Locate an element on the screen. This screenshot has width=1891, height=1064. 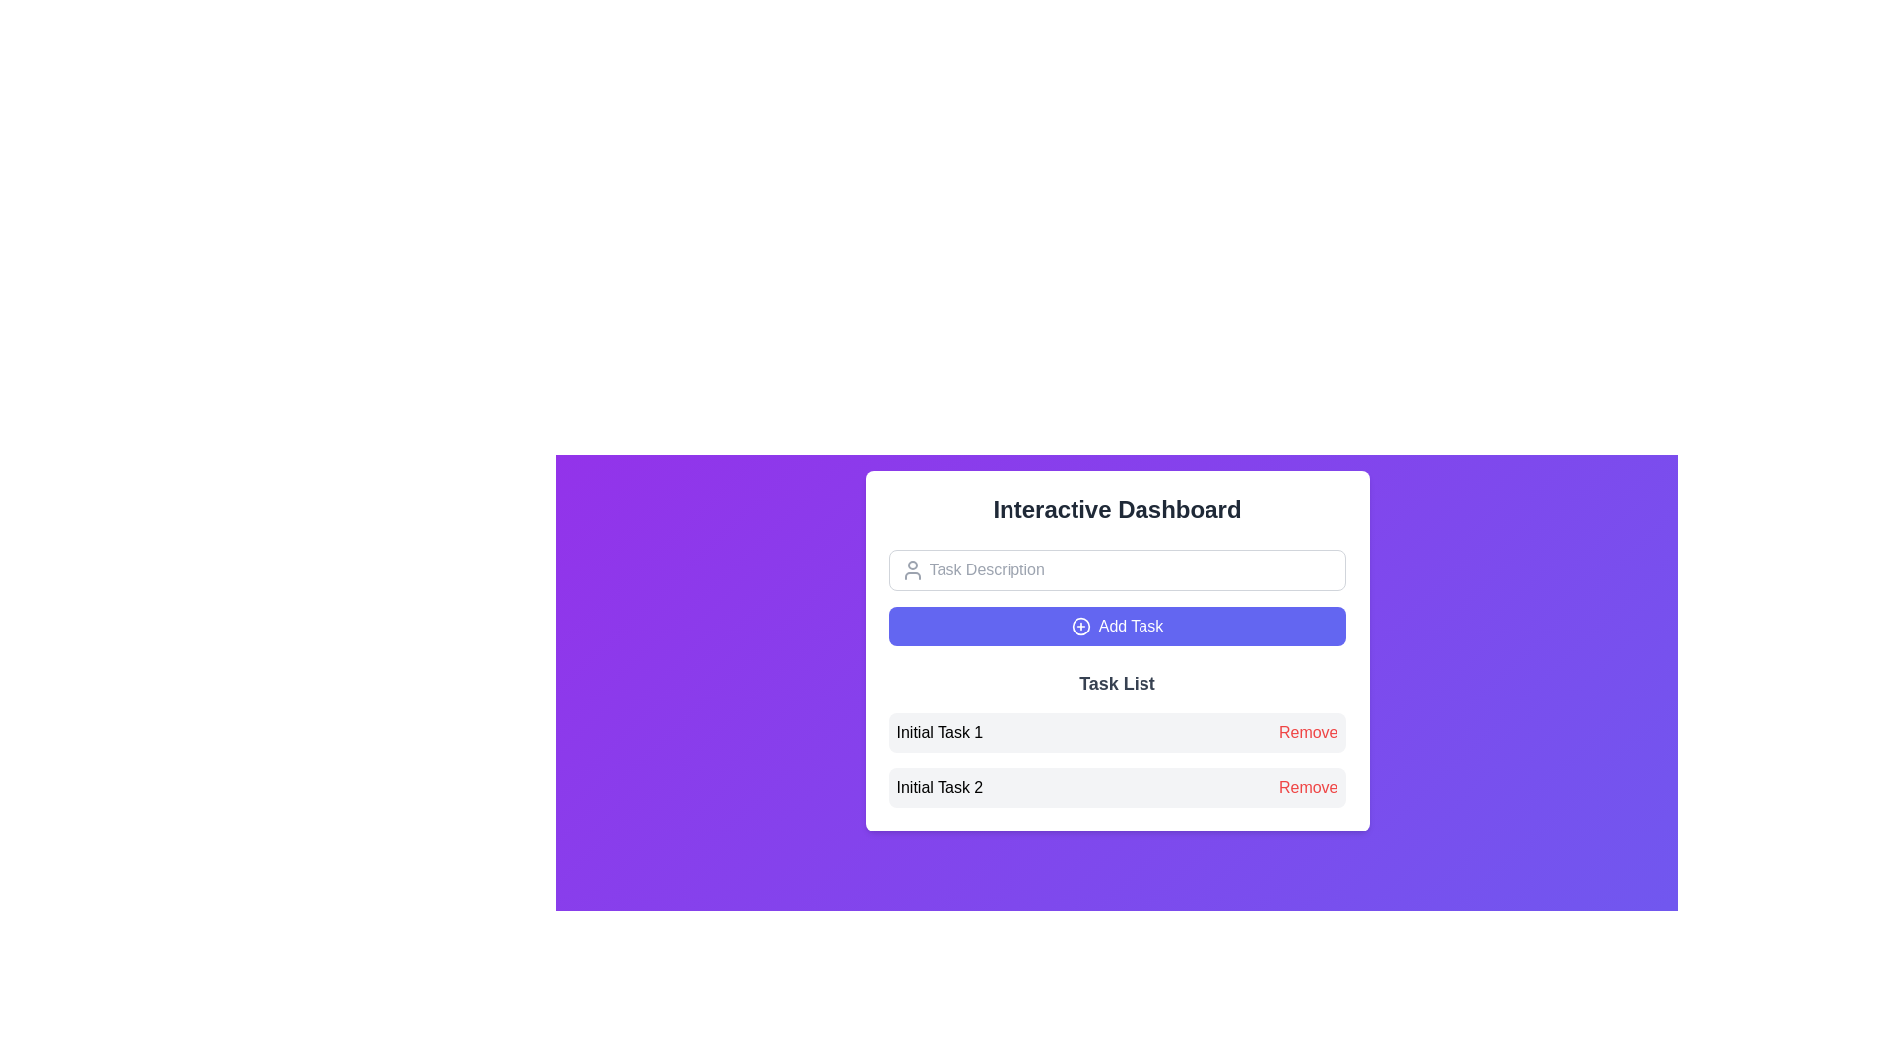
the red 'Remove' text link button located on the right side of the second row in the task list is located at coordinates (1308, 786).